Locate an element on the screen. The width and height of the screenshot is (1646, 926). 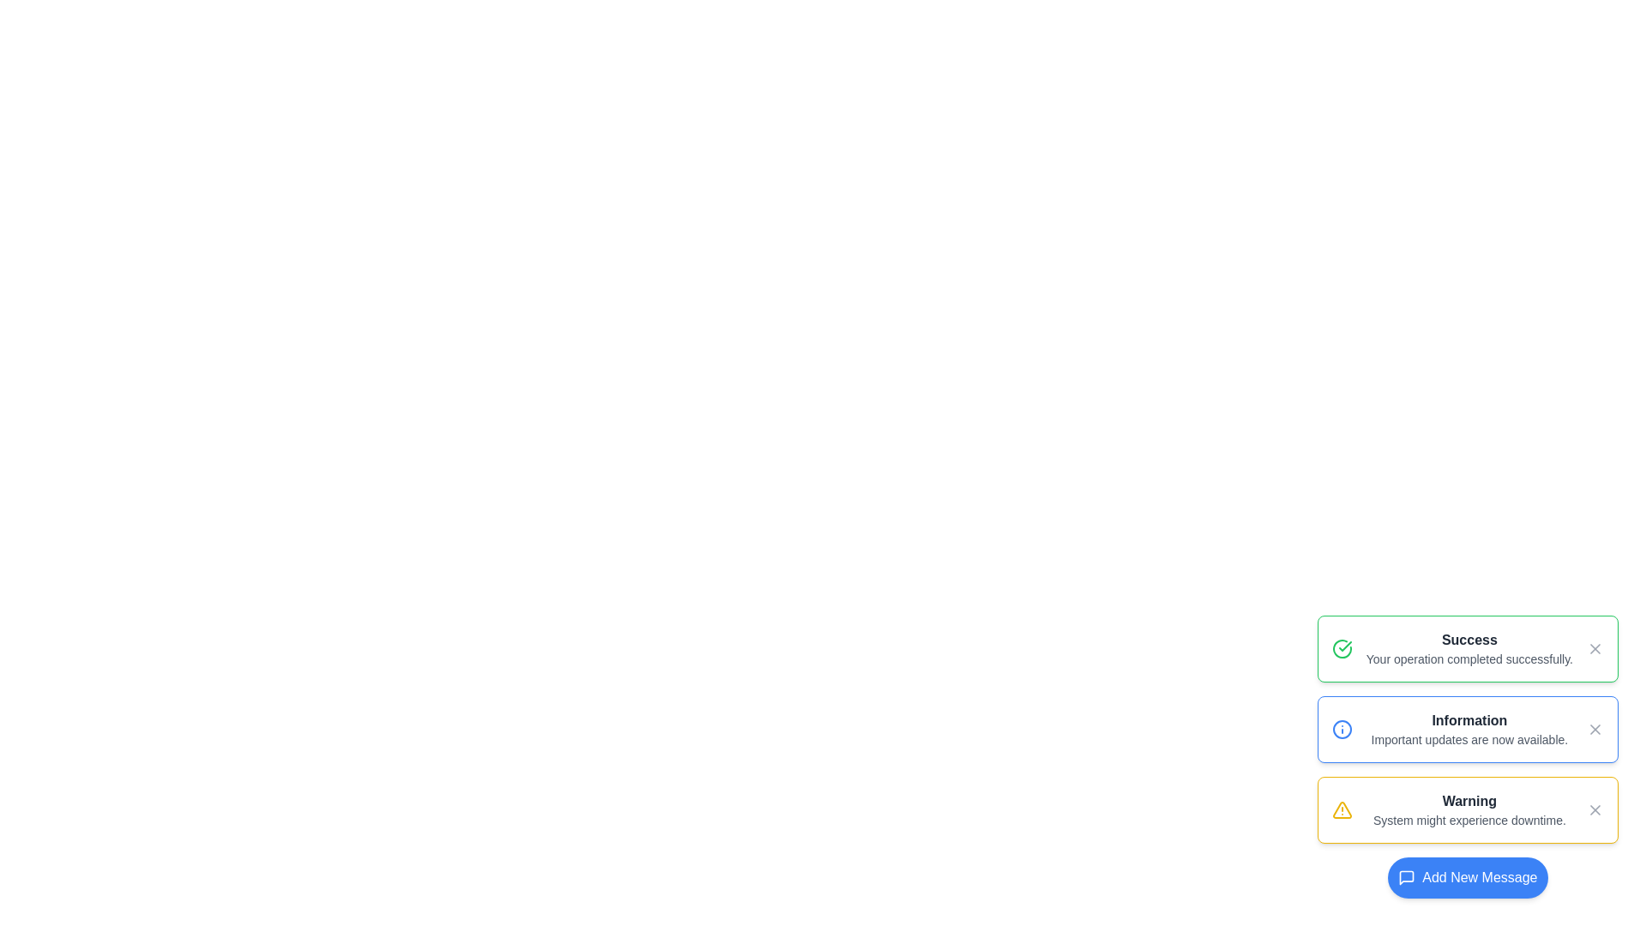
the text element that provides a detailed description of the success message, positioned below the 'Success' heading within the notification card is located at coordinates (1469, 658).